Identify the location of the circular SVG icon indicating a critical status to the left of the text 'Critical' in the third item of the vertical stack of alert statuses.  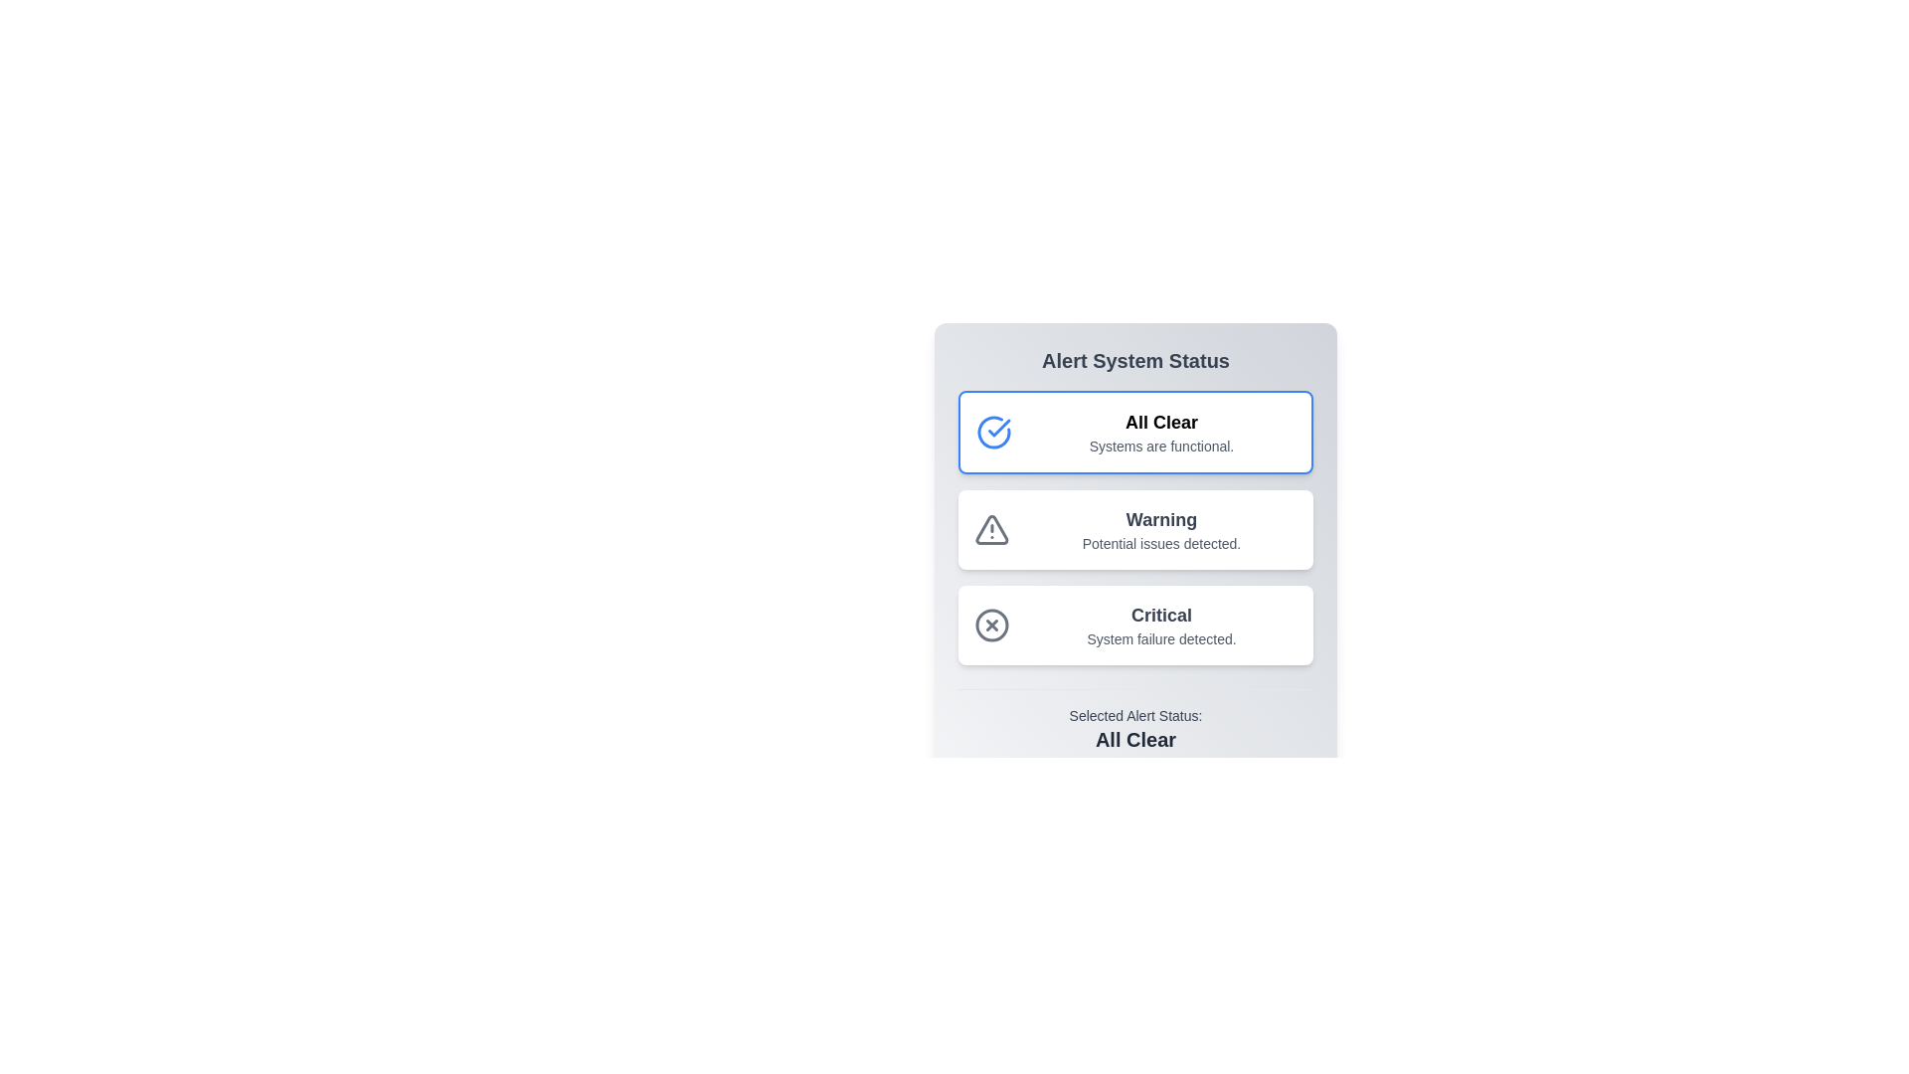
(992, 624).